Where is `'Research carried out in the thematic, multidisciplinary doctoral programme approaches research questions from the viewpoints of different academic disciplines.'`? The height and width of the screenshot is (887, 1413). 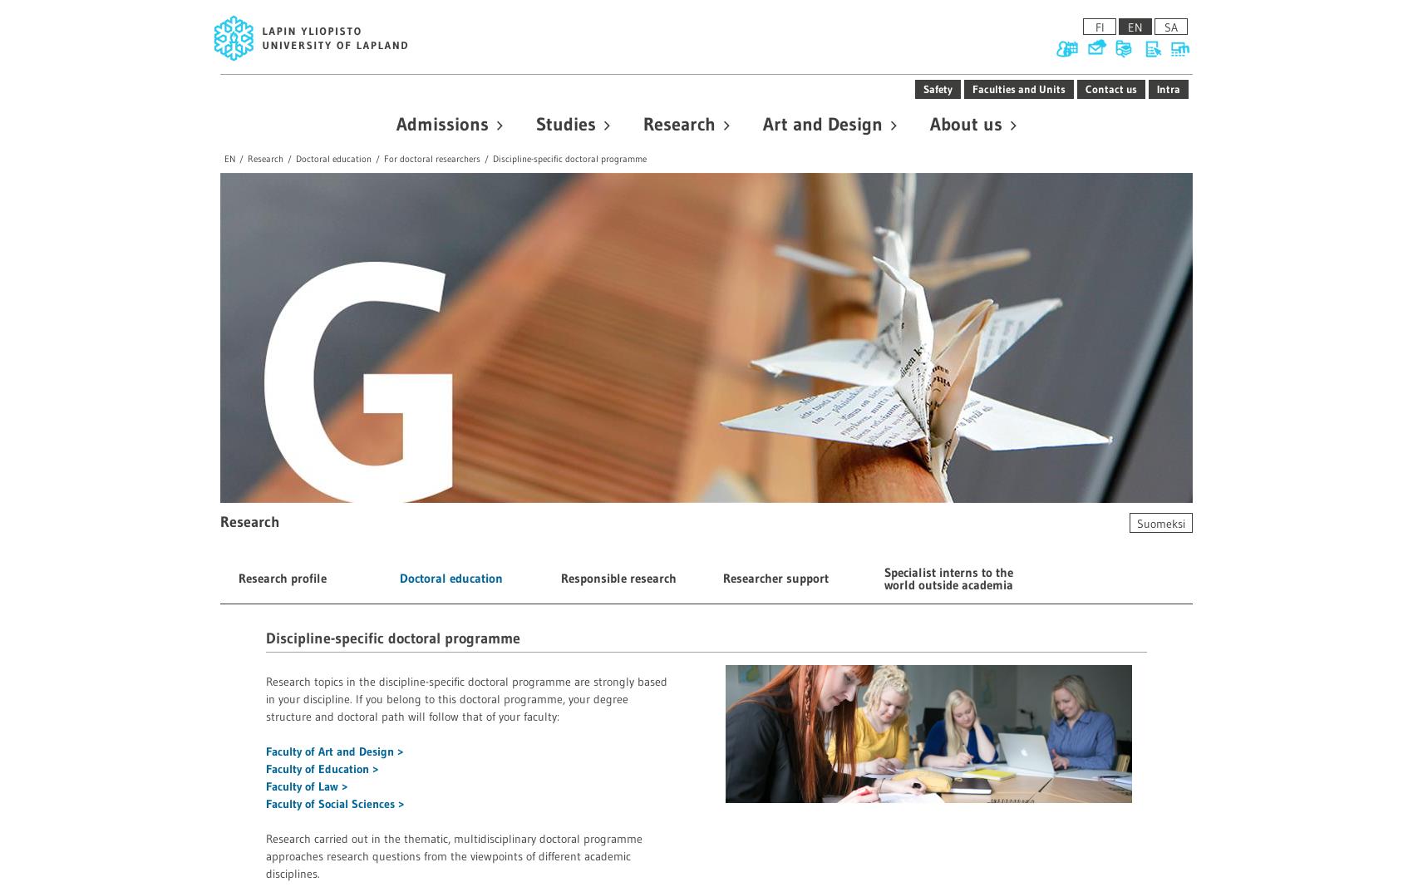 'Research carried out in the thematic, multidisciplinary doctoral programme approaches research questions from the viewpoints of different academic disciplines.' is located at coordinates (453, 855).